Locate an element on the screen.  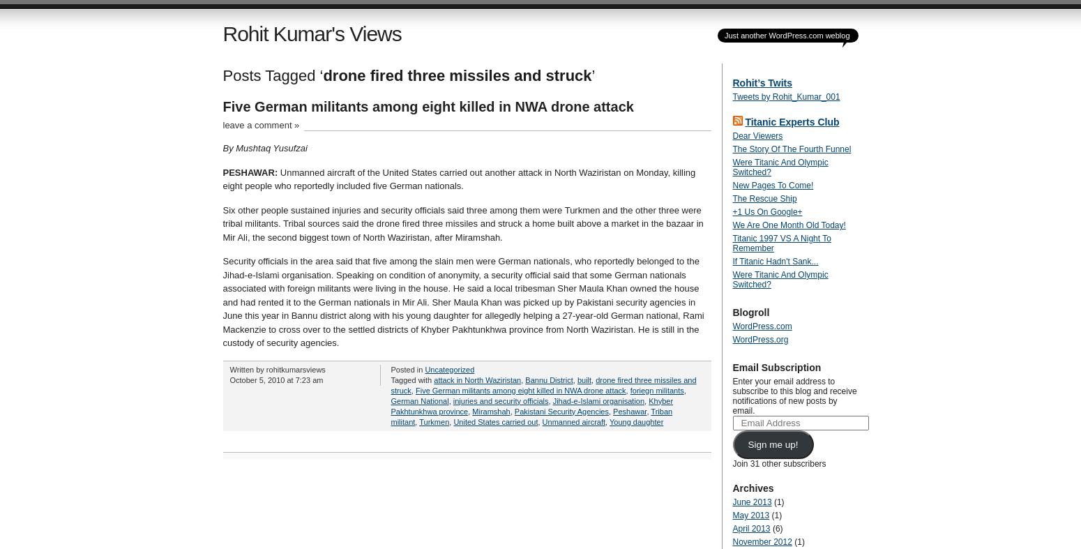
'Posted in' is located at coordinates (407, 368).